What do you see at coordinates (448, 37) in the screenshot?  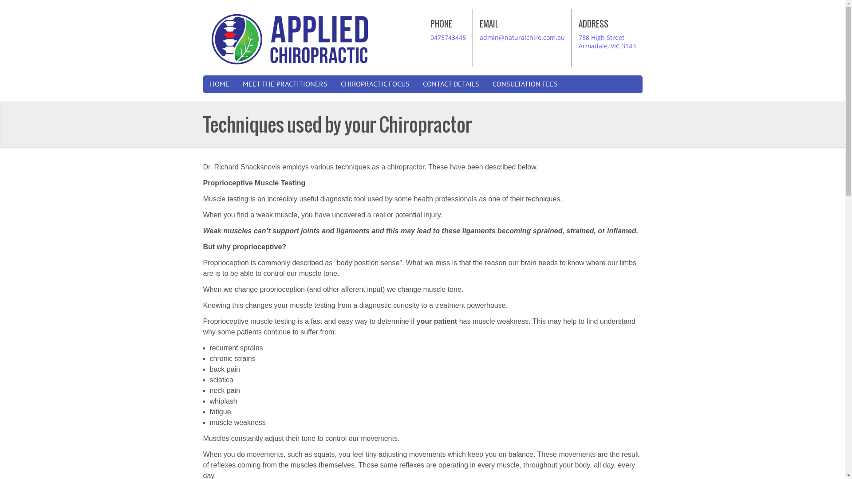 I see `'0475743445'` at bounding box center [448, 37].